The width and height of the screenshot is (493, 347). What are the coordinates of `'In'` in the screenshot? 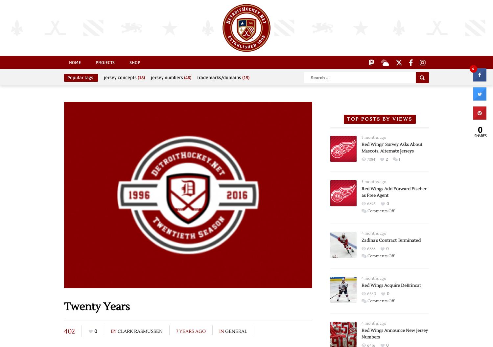 It's located at (222, 331).